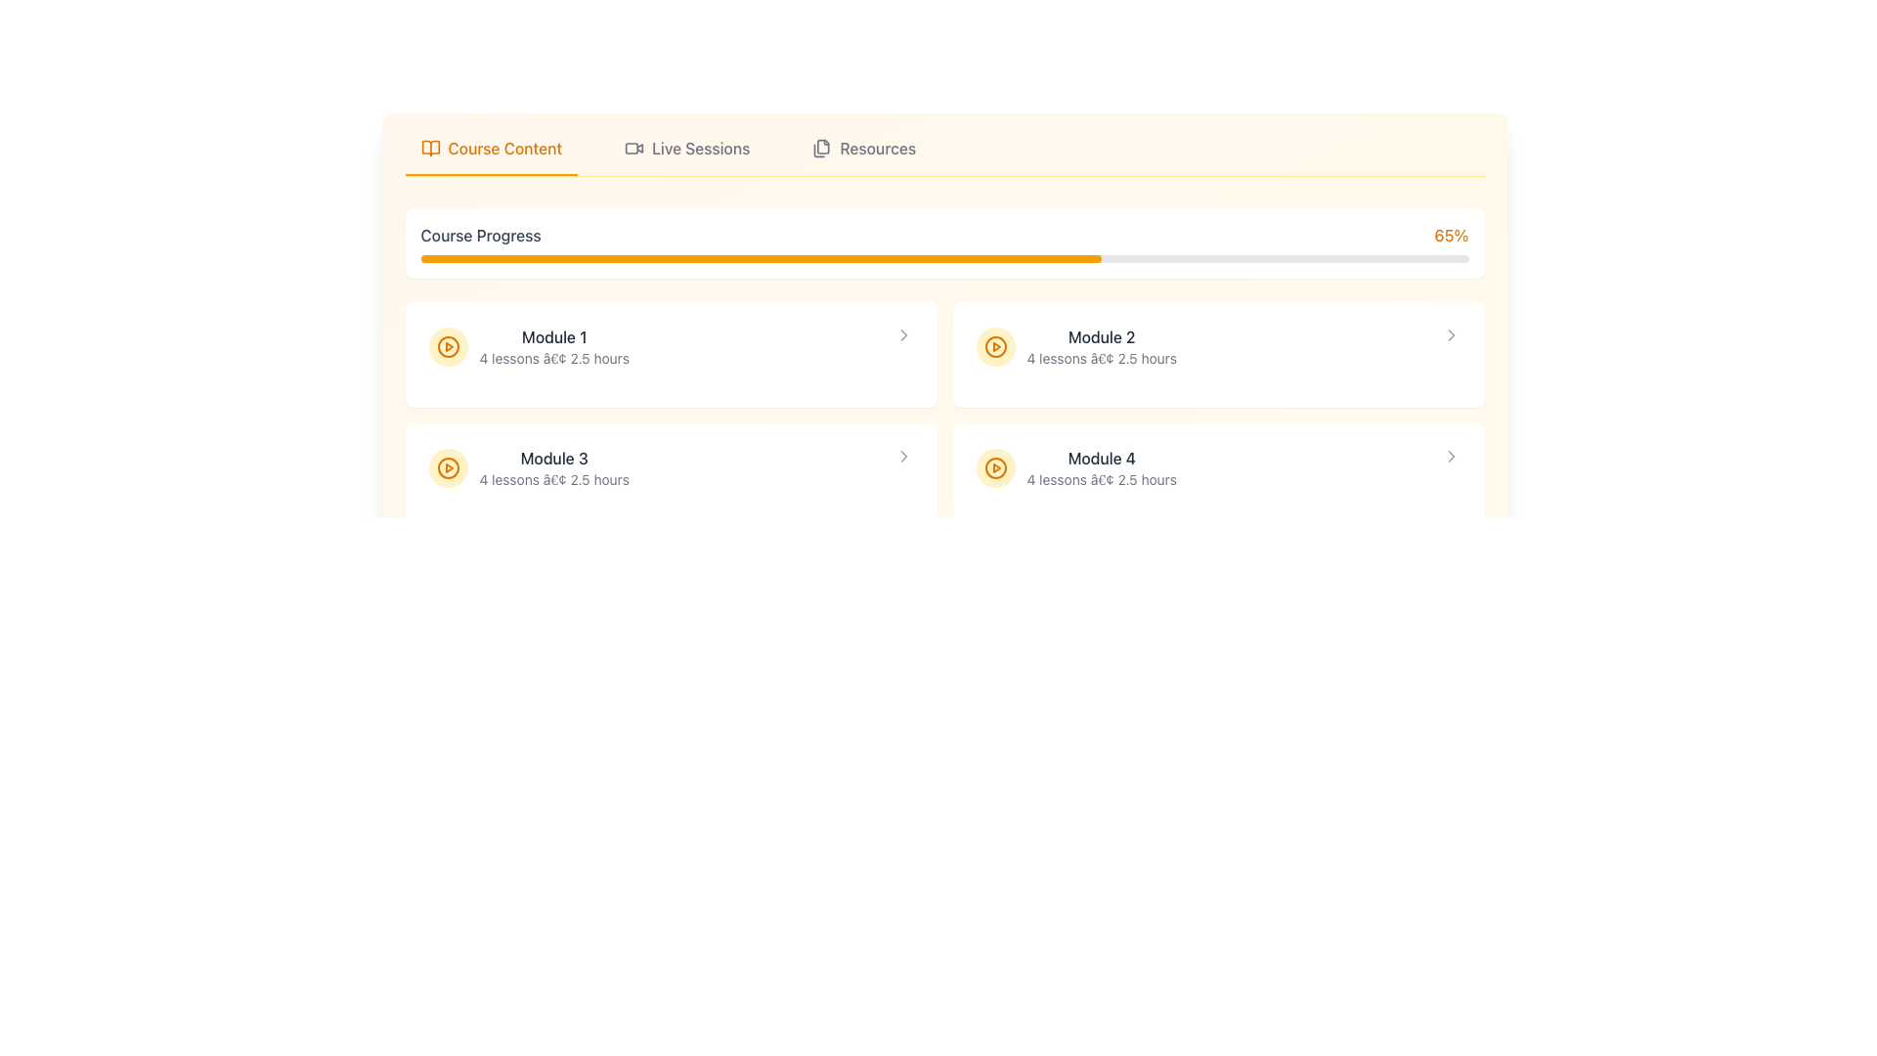 Image resolution: width=1877 pixels, height=1056 pixels. Describe the element at coordinates (1102, 345) in the screenshot. I see `text from the 'Module 2' label which displays 'Module 2' in bold dark gray and '4 lessons • 2.5 hours' in lighter gray` at that location.